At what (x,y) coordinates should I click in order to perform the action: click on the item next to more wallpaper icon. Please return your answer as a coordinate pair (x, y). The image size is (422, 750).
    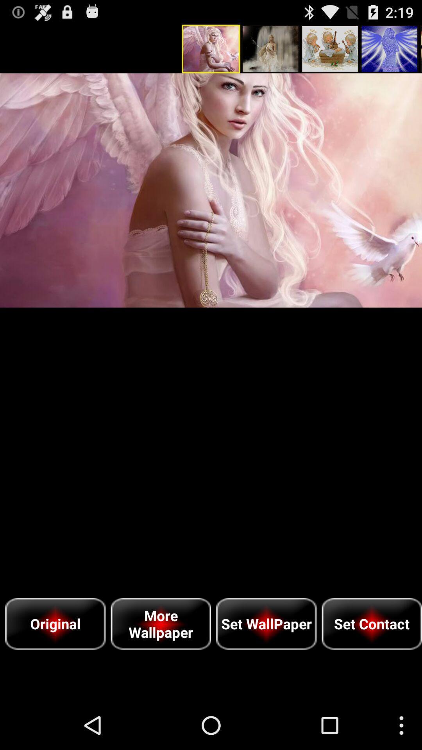
    Looking at the image, I should click on (266, 623).